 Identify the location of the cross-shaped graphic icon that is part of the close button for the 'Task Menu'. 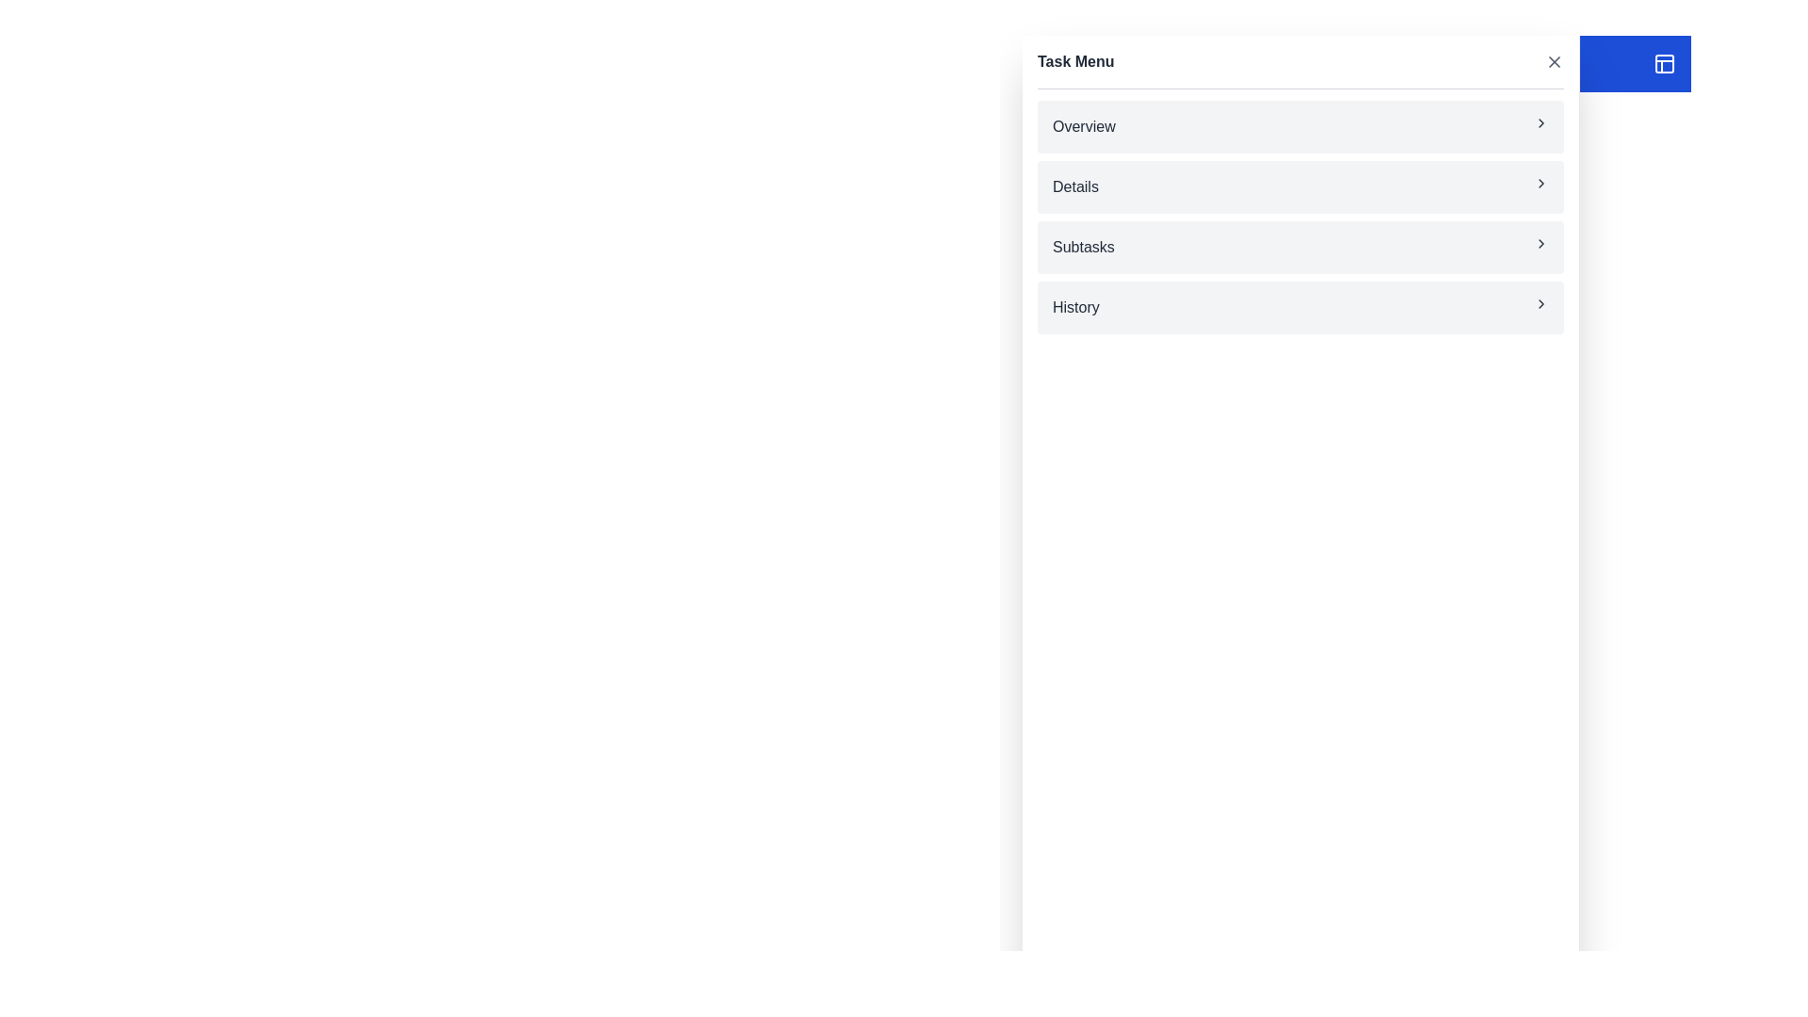
(1554, 60).